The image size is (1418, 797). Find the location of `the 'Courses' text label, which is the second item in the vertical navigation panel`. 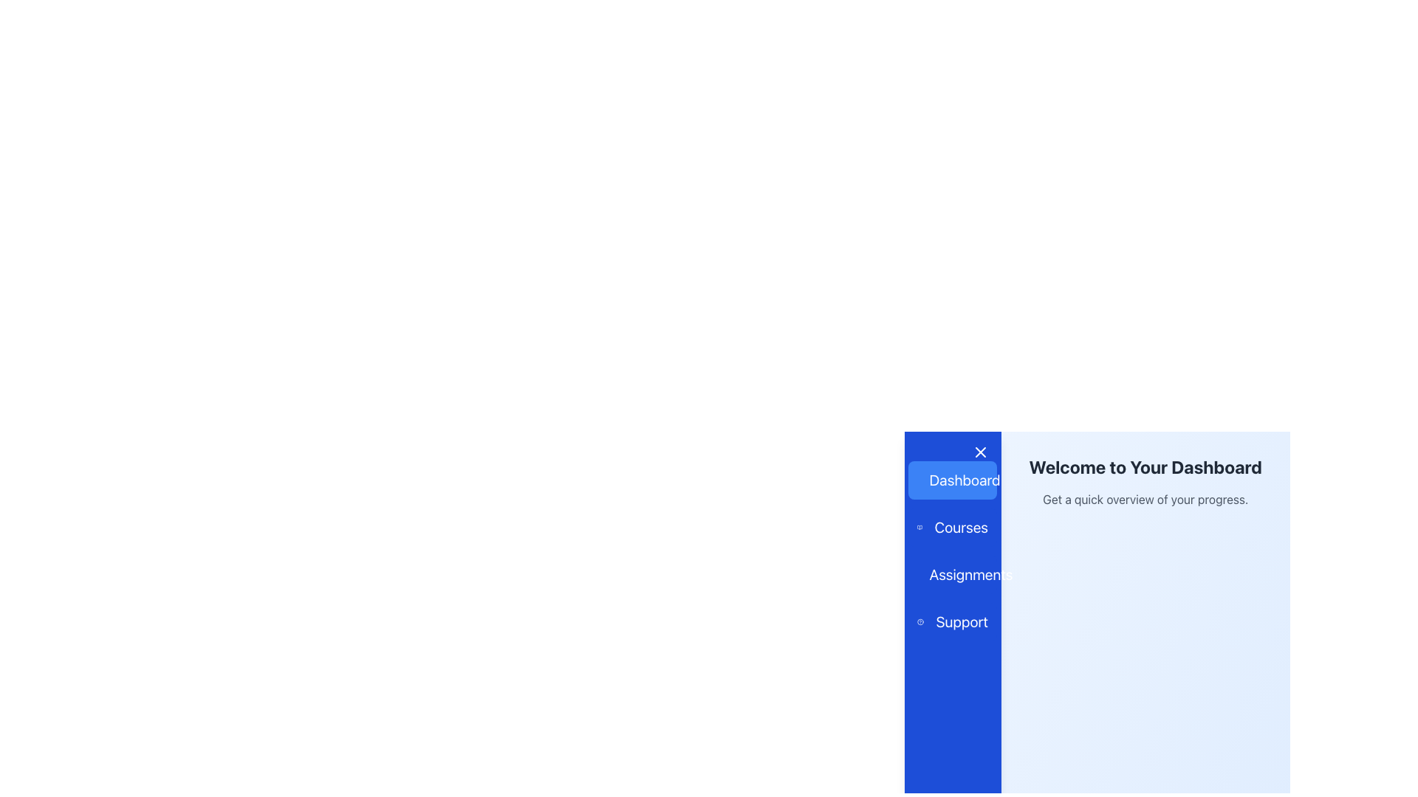

the 'Courses' text label, which is the second item in the vertical navigation panel is located at coordinates (961, 526).